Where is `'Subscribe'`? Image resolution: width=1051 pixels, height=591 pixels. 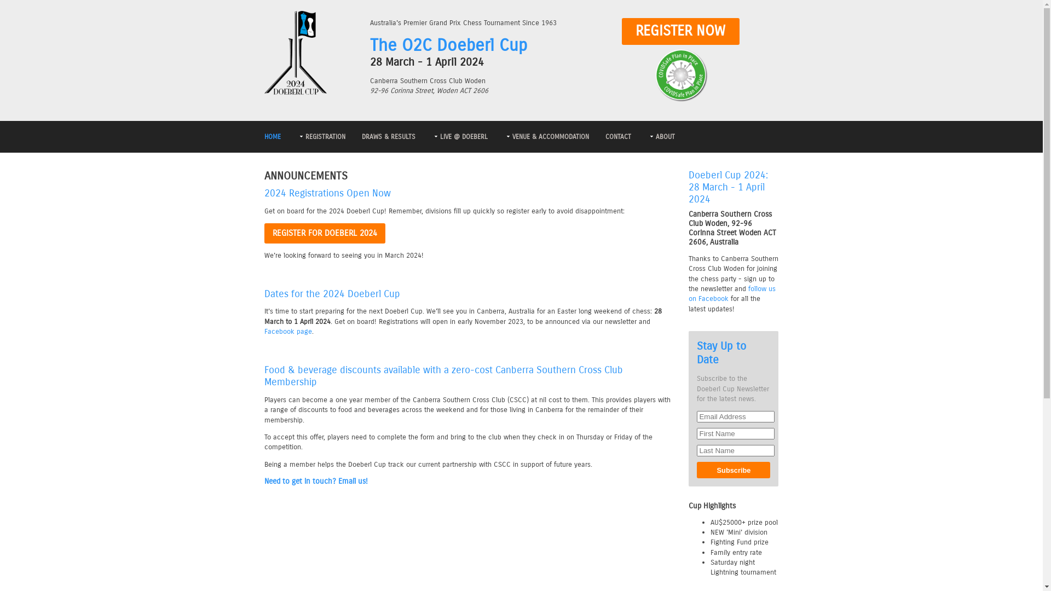 'Subscribe' is located at coordinates (733, 470).